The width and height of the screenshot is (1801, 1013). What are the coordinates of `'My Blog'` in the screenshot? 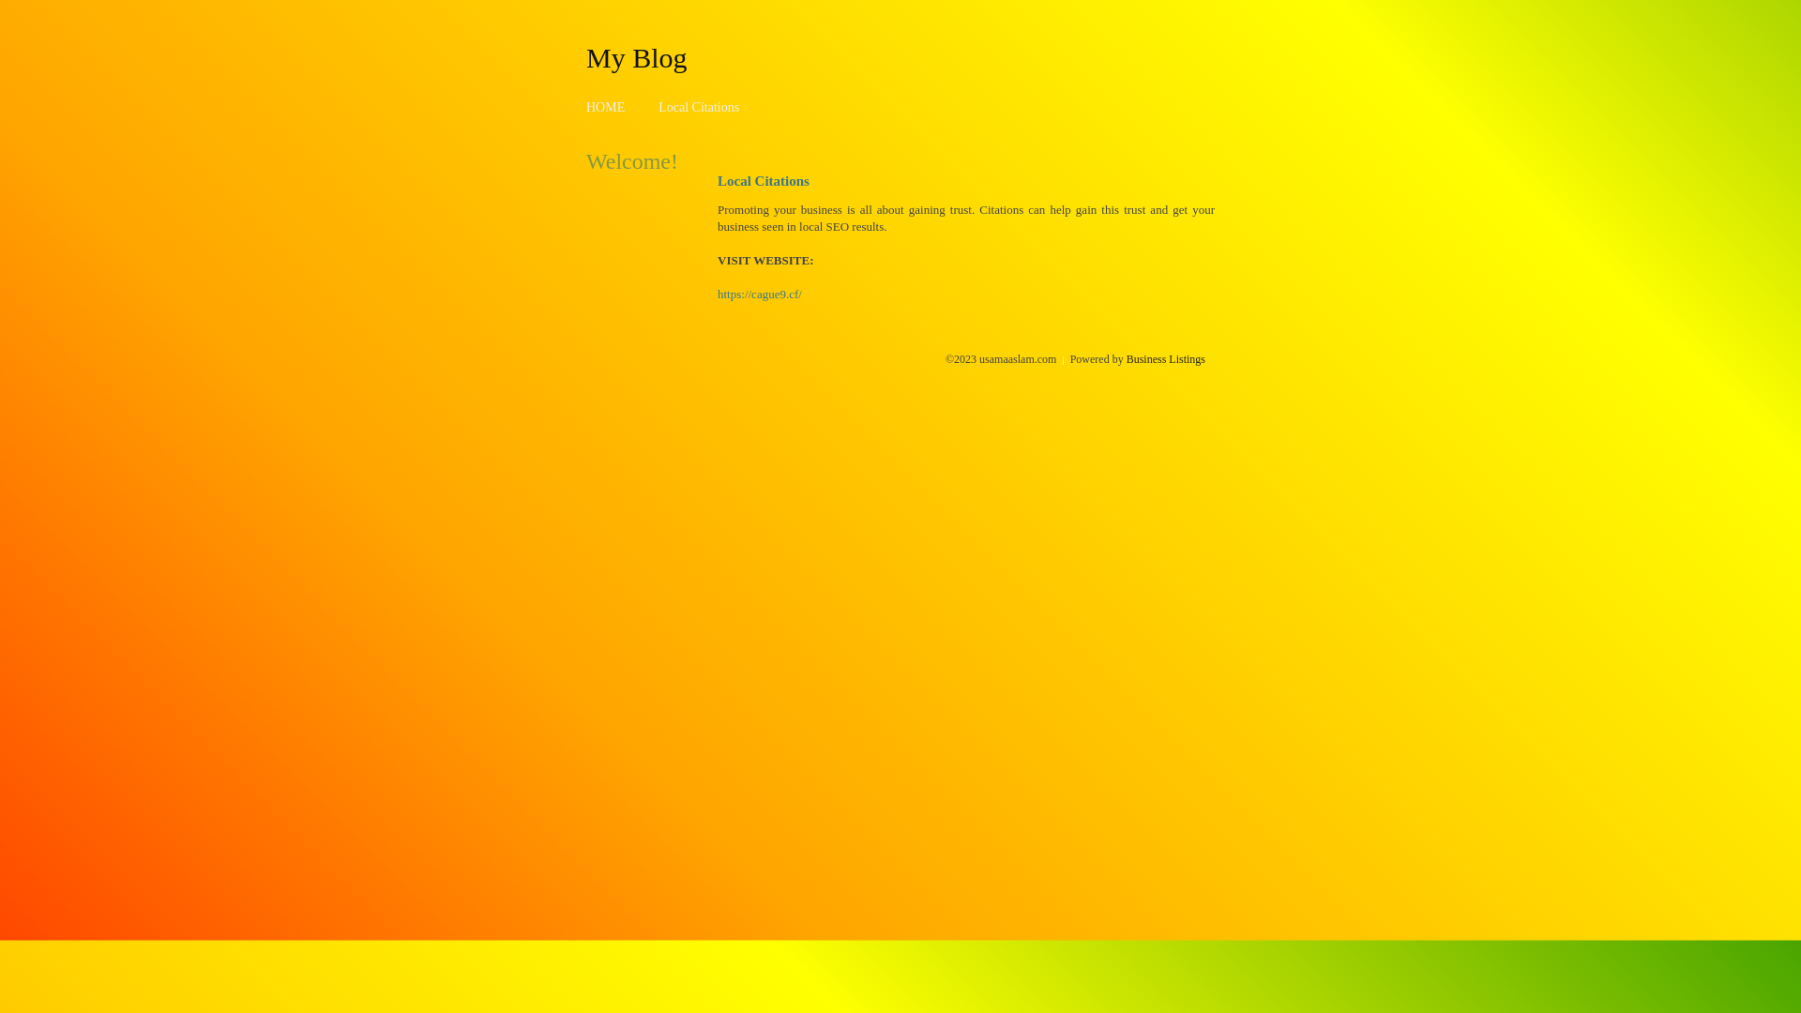 It's located at (636, 56).